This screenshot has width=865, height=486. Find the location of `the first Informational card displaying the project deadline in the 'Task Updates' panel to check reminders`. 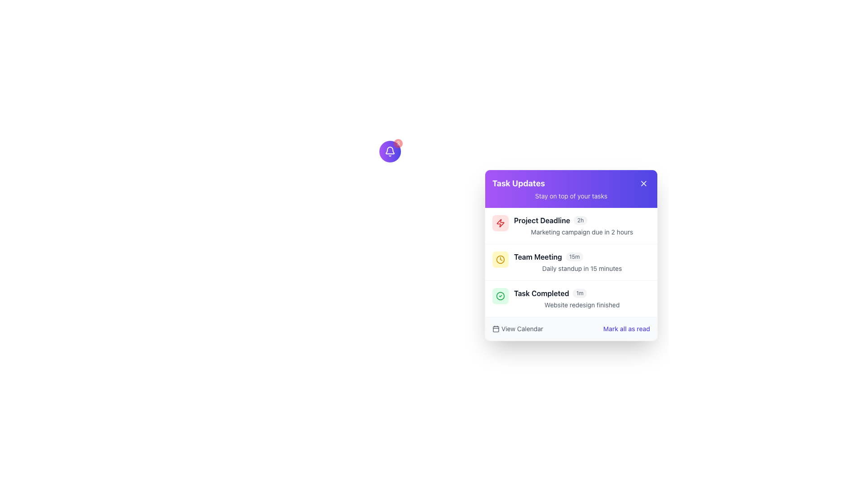

the first Informational card displaying the project deadline in the 'Task Updates' panel to check reminders is located at coordinates (582, 220).